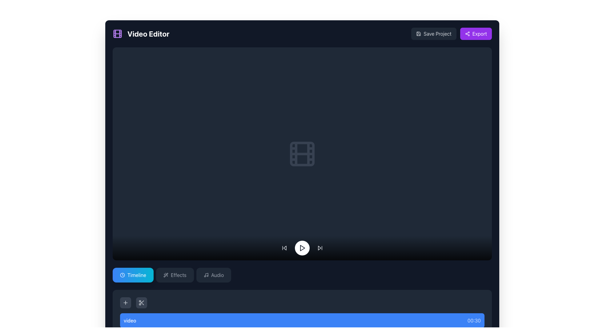 The height and width of the screenshot is (332, 591). I want to click on the SVG circle that represents the outer part of the clock icon located near the 'Timeline' button, so click(123, 275).